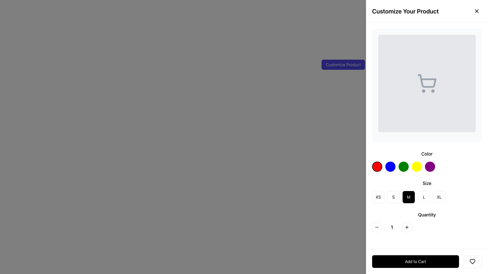 This screenshot has width=488, height=274. I want to click on the icon button located in the 'Quantity' section, to the right of the numeric input field, to increase the selected product quantity by one, so click(407, 227).